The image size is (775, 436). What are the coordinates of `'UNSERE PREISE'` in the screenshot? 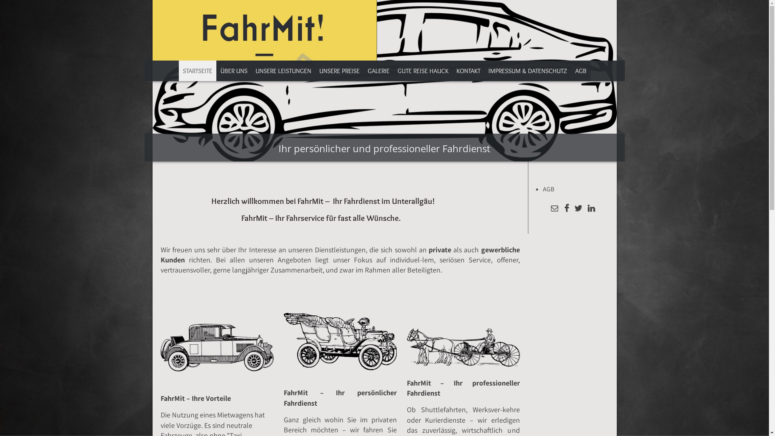 It's located at (339, 70).